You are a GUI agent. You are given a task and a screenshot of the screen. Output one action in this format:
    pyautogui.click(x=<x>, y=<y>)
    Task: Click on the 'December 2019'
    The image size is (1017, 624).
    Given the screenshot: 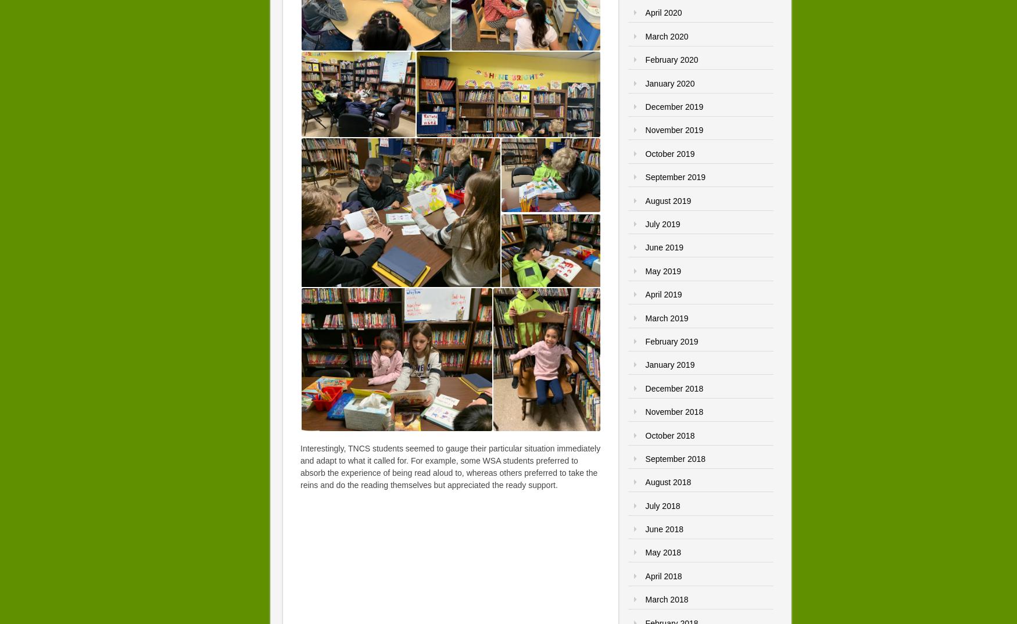 What is the action you would take?
    pyautogui.click(x=674, y=106)
    